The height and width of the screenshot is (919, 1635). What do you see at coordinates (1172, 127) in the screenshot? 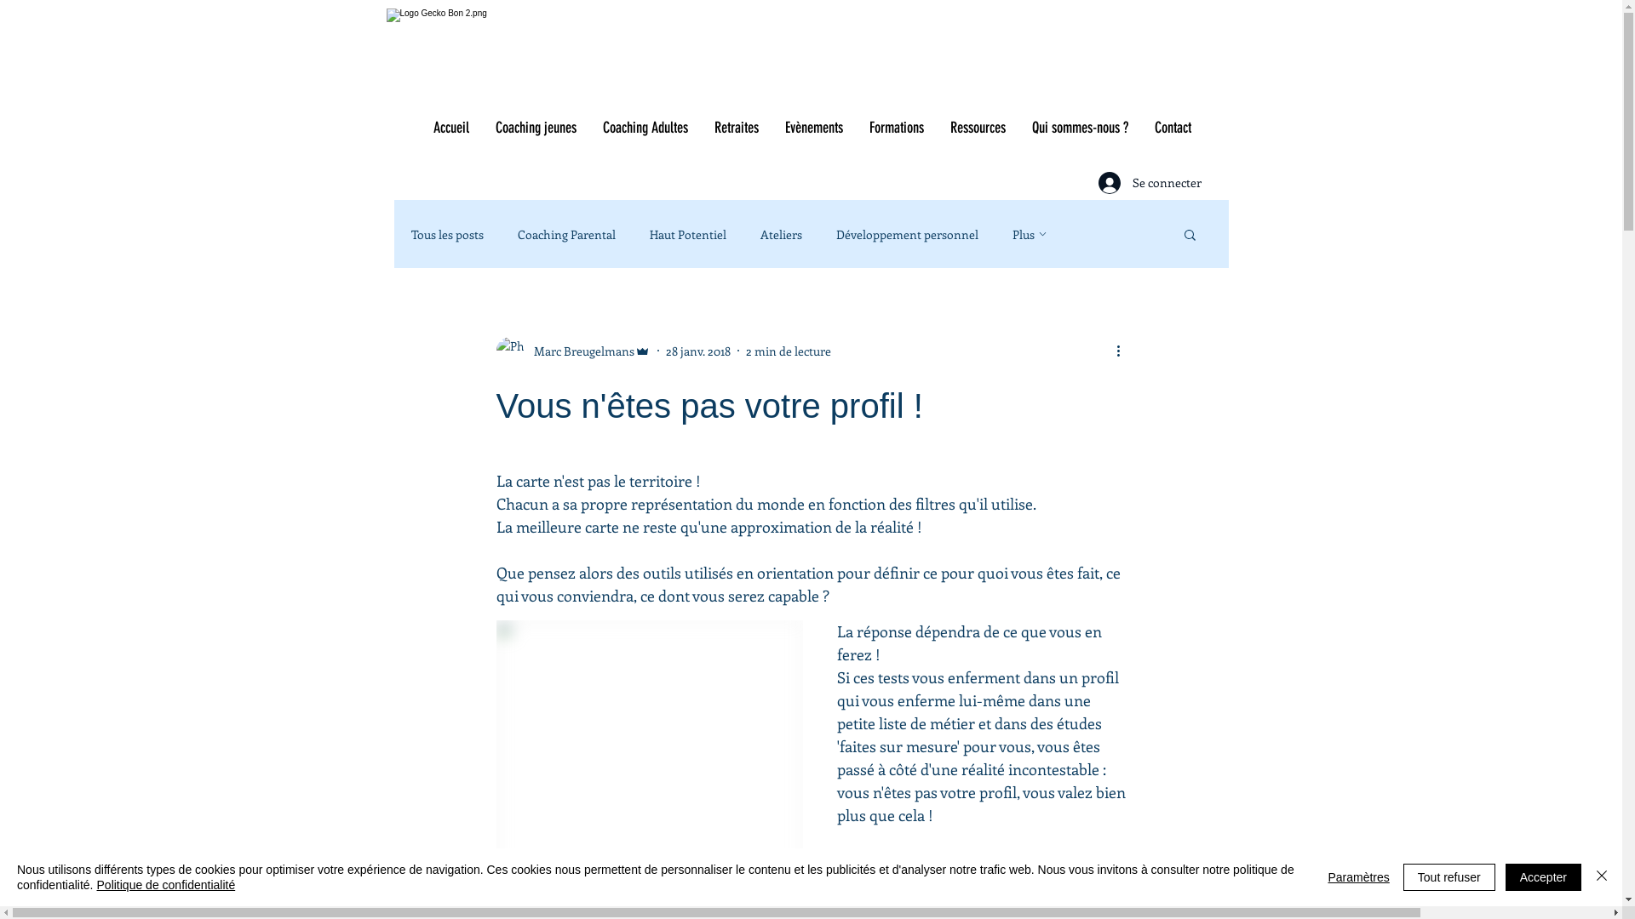
I see `'Contact'` at bounding box center [1172, 127].